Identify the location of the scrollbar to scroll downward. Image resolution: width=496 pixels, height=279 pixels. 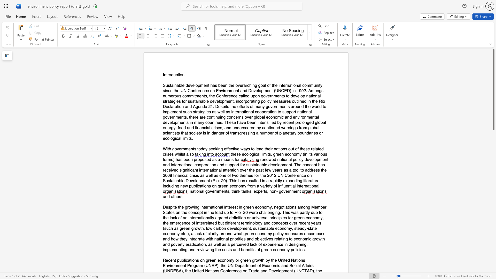
(493, 162).